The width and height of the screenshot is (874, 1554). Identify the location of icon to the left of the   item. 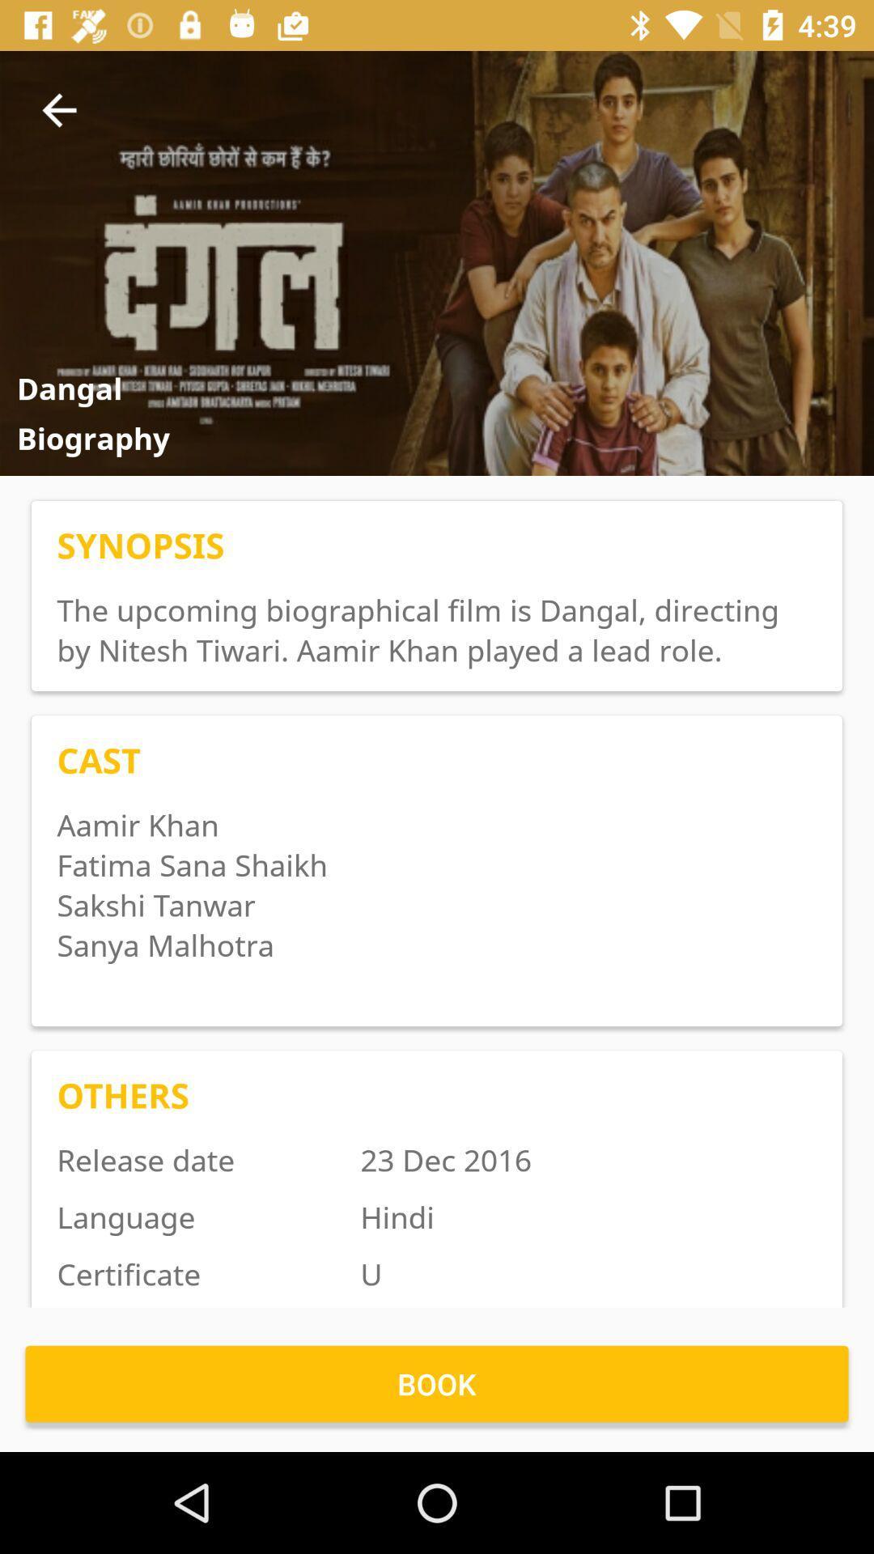
(58, 109).